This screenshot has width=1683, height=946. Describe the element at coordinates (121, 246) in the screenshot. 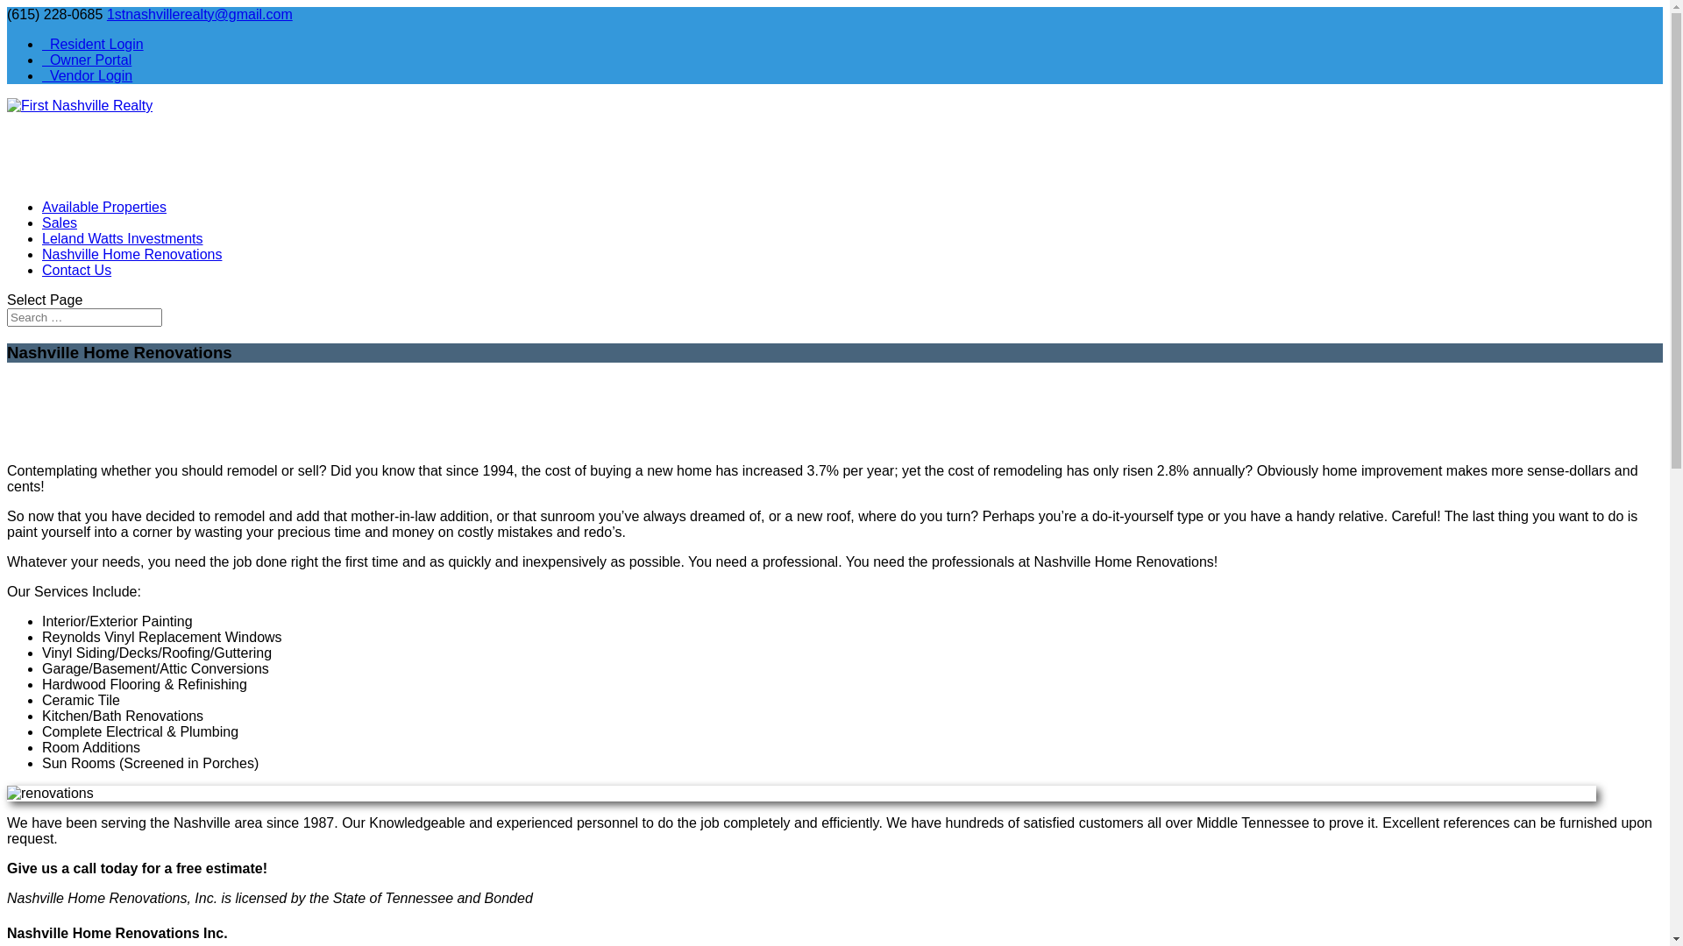

I see `'Leland Watts Investments'` at that location.